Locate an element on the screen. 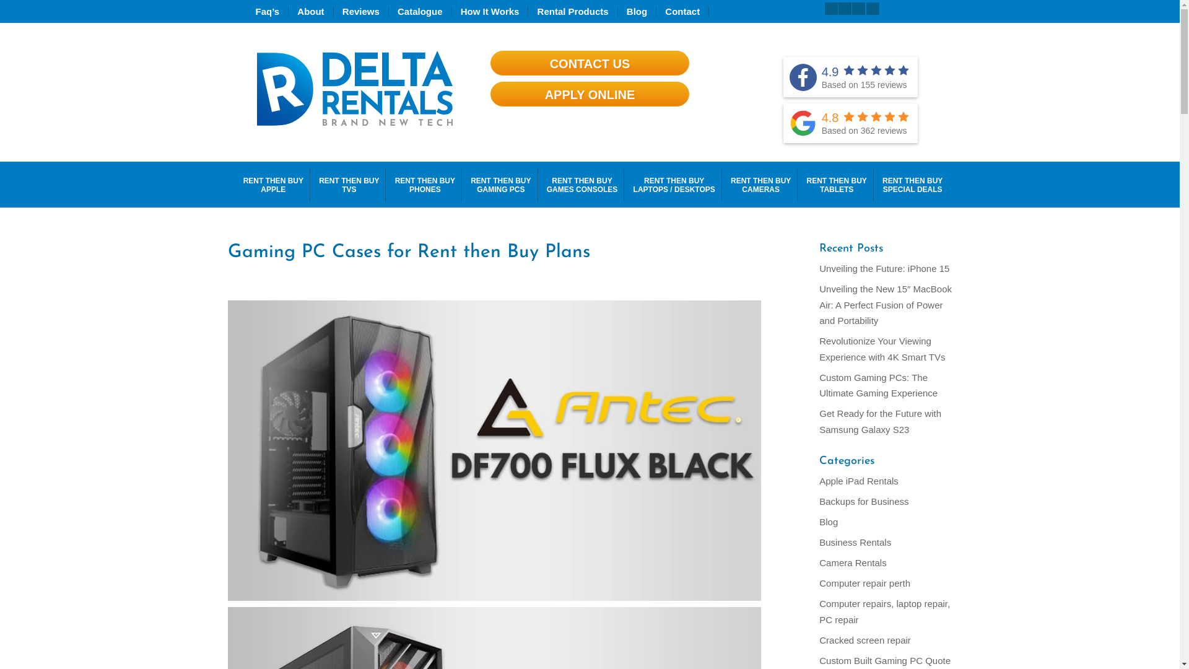 Image resolution: width=1189 pixels, height=669 pixels. 'RENT THEN BUY is located at coordinates (760, 185).